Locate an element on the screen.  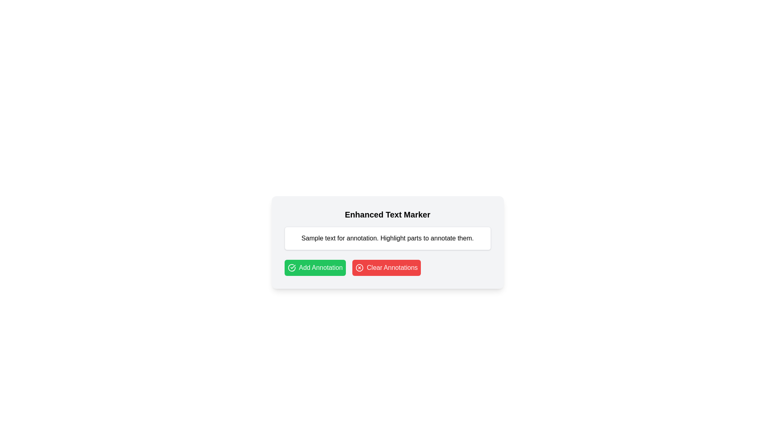
the character 'e' in the word 'Sample' within the displayed text 'Sample text for annotation. Highlight parts to annotate them.' is located at coordinates (321, 238).